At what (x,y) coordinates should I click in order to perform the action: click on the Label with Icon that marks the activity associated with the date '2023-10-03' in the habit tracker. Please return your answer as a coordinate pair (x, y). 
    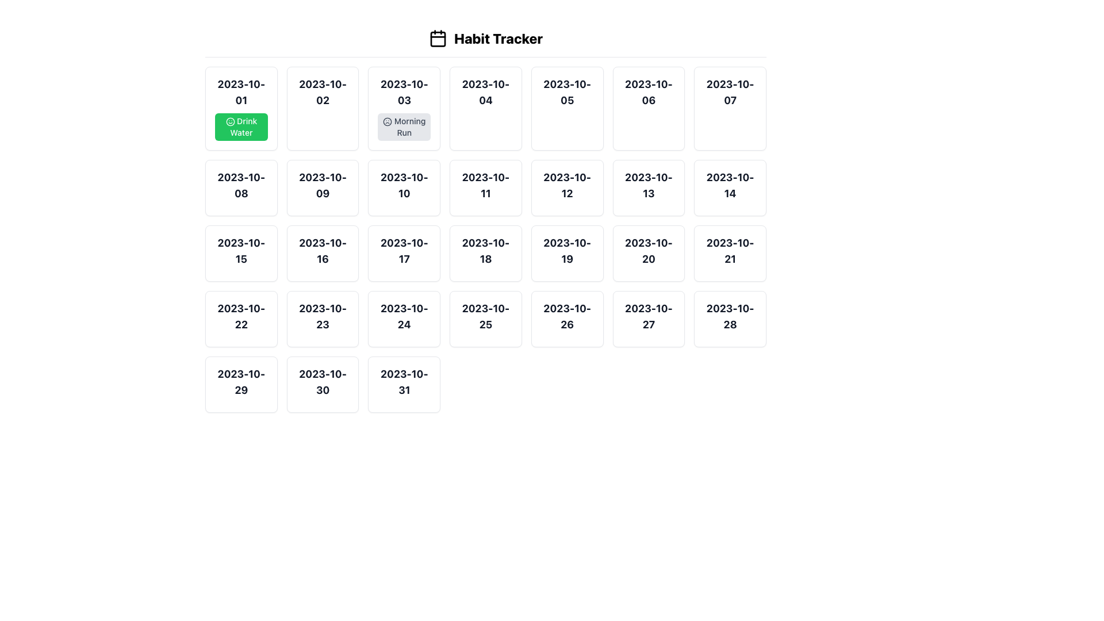
    Looking at the image, I should click on (404, 126).